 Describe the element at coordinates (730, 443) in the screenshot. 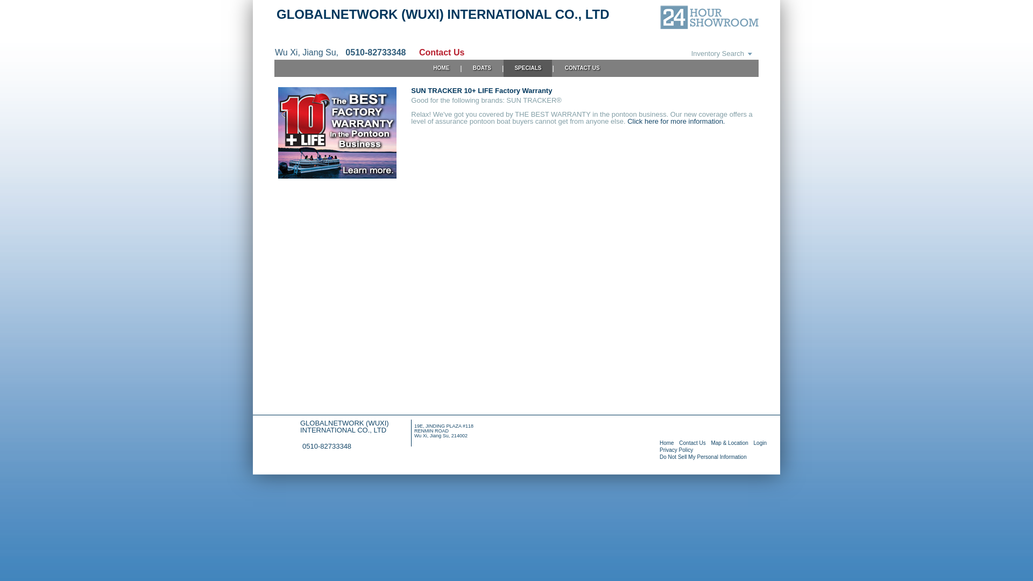

I see `'Map & Location'` at that location.